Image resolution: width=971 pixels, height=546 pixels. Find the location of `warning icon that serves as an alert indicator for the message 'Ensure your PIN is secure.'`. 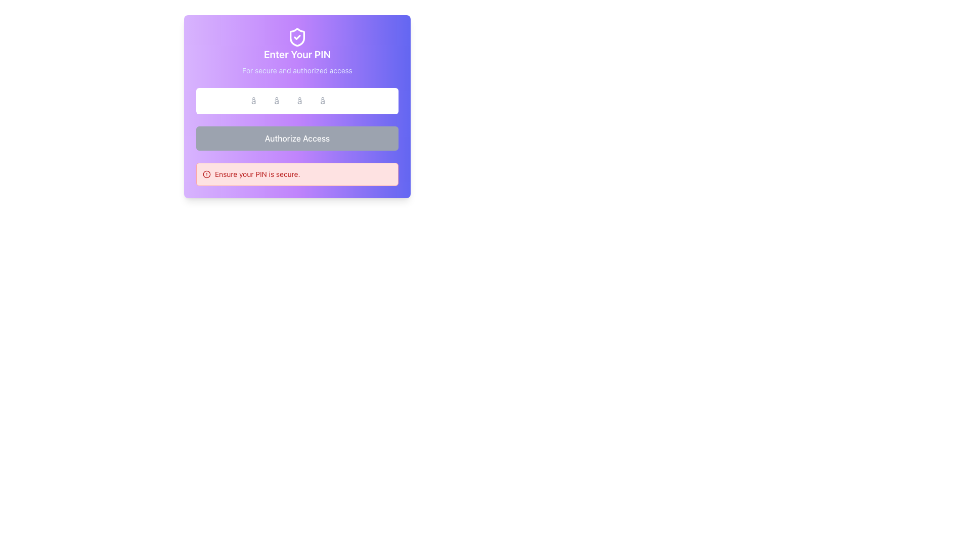

warning icon that serves as an alert indicator for the message 'Ensure your PIN is secure.' is located at coordinates (206, 173).